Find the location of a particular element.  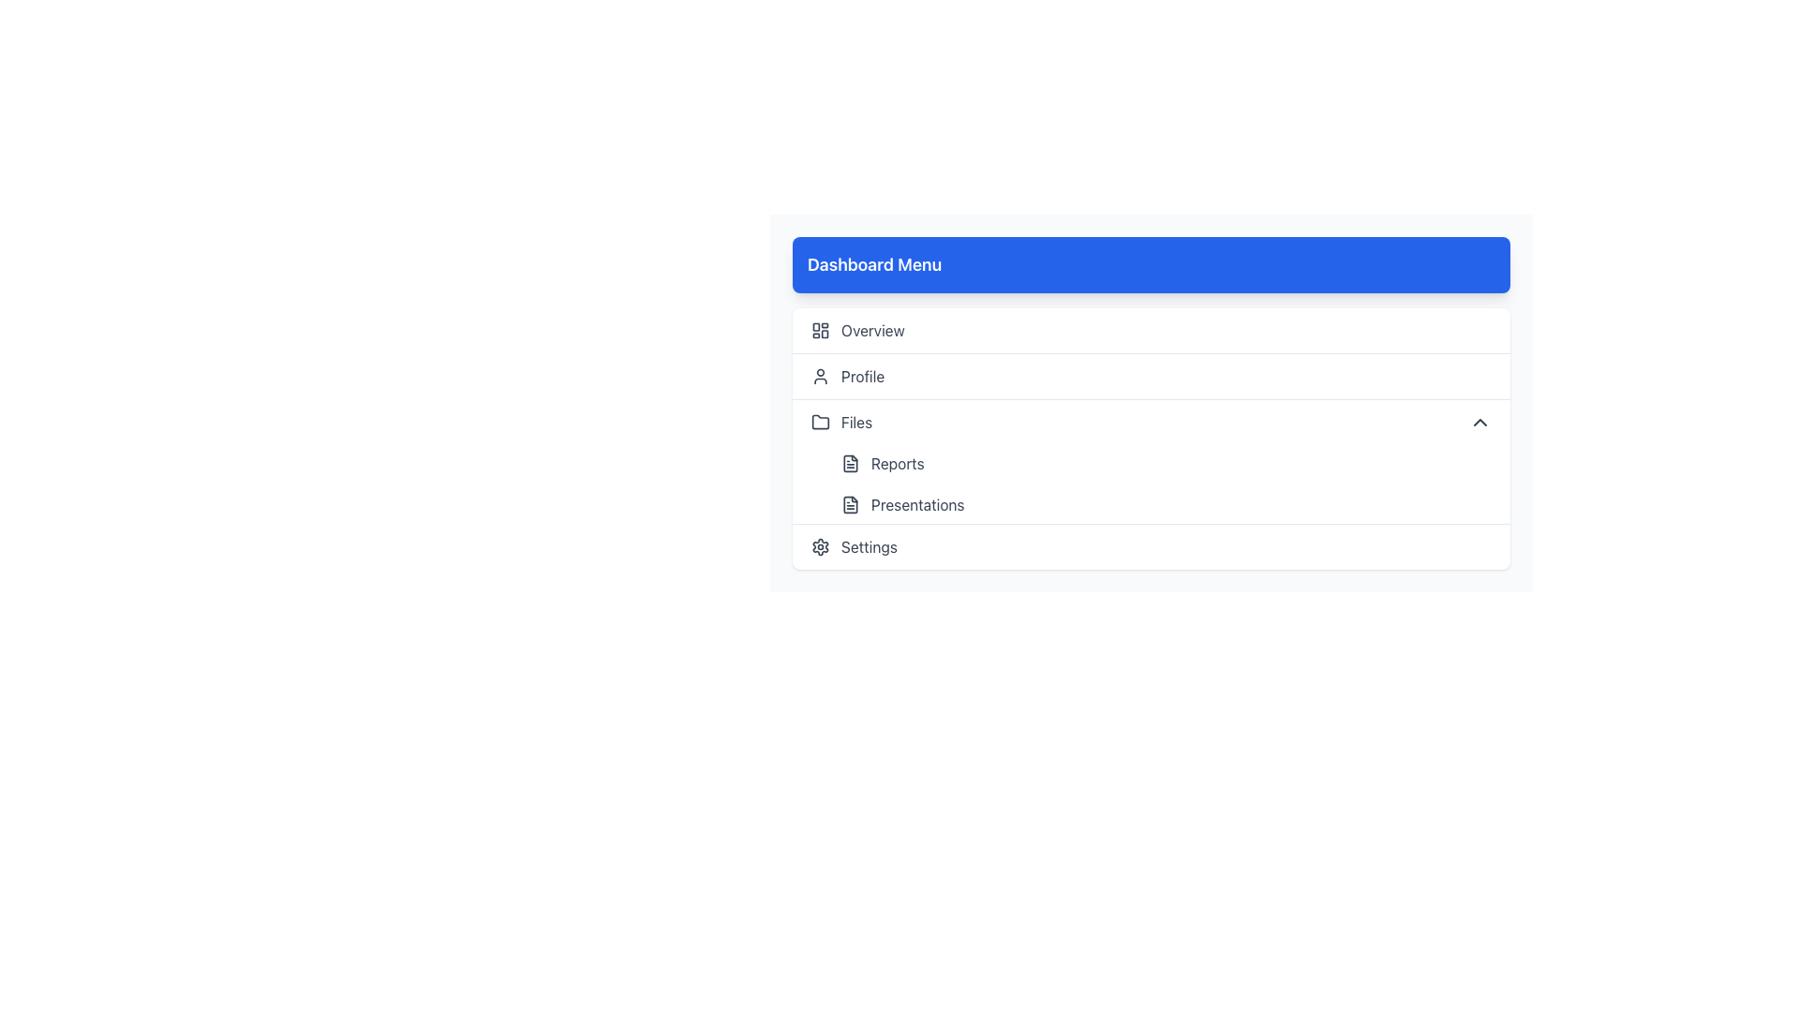

the user profile icon located to the left of the 'Profile' text in the horizontal menu is located at coordinates (820, 376).